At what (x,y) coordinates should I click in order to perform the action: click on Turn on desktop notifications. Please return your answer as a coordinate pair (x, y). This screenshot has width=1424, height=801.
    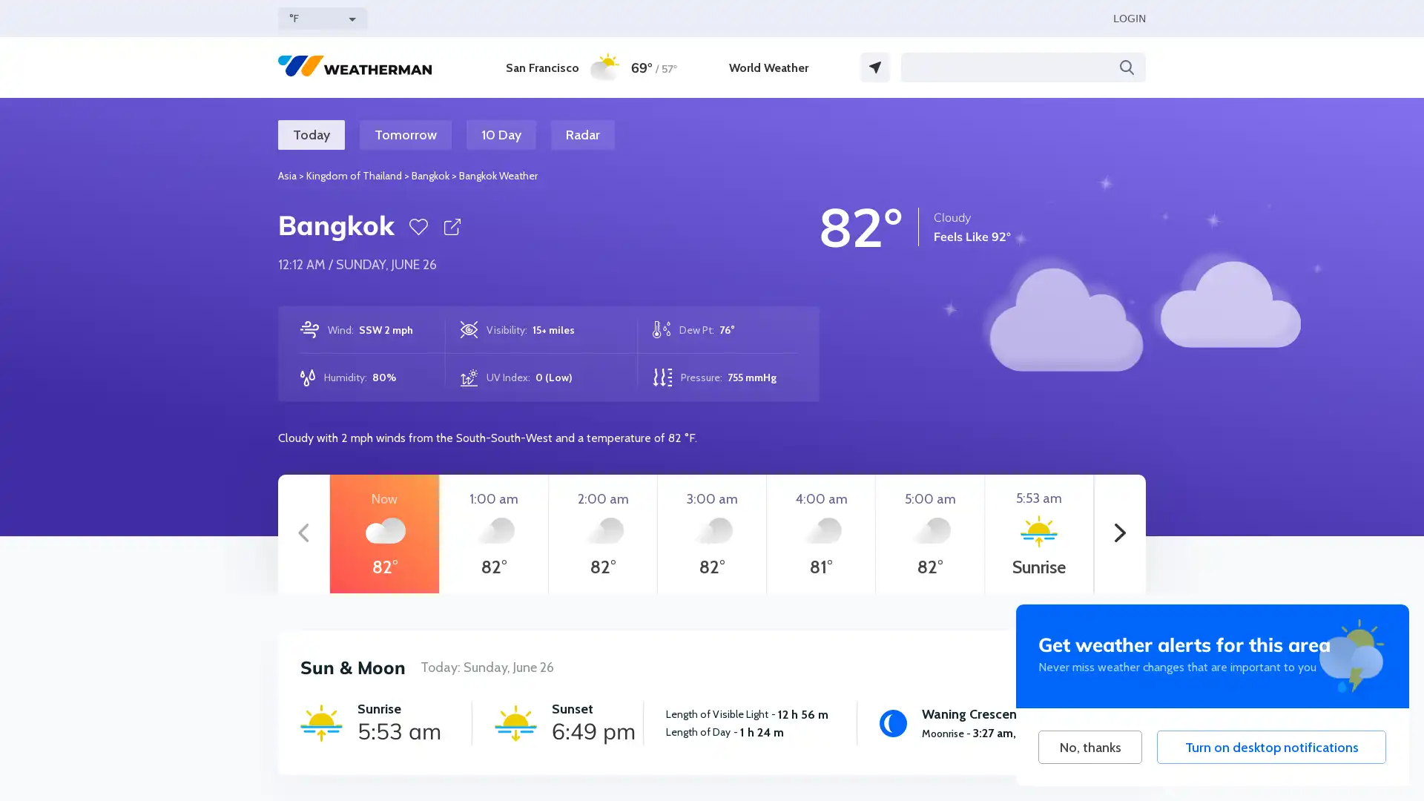
    Looking at the image, I should click on (1270, 747).